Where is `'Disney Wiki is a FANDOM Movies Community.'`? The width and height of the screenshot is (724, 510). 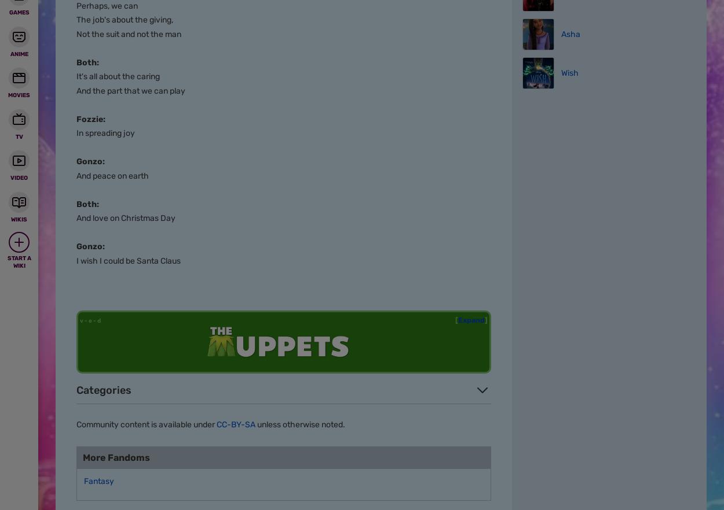
'Disney Wiki is a FANDOM Movies Community.' is located at coordinates (381, 185).